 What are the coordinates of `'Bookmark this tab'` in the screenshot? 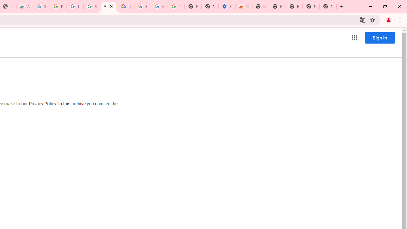 It's located at (372, 19).